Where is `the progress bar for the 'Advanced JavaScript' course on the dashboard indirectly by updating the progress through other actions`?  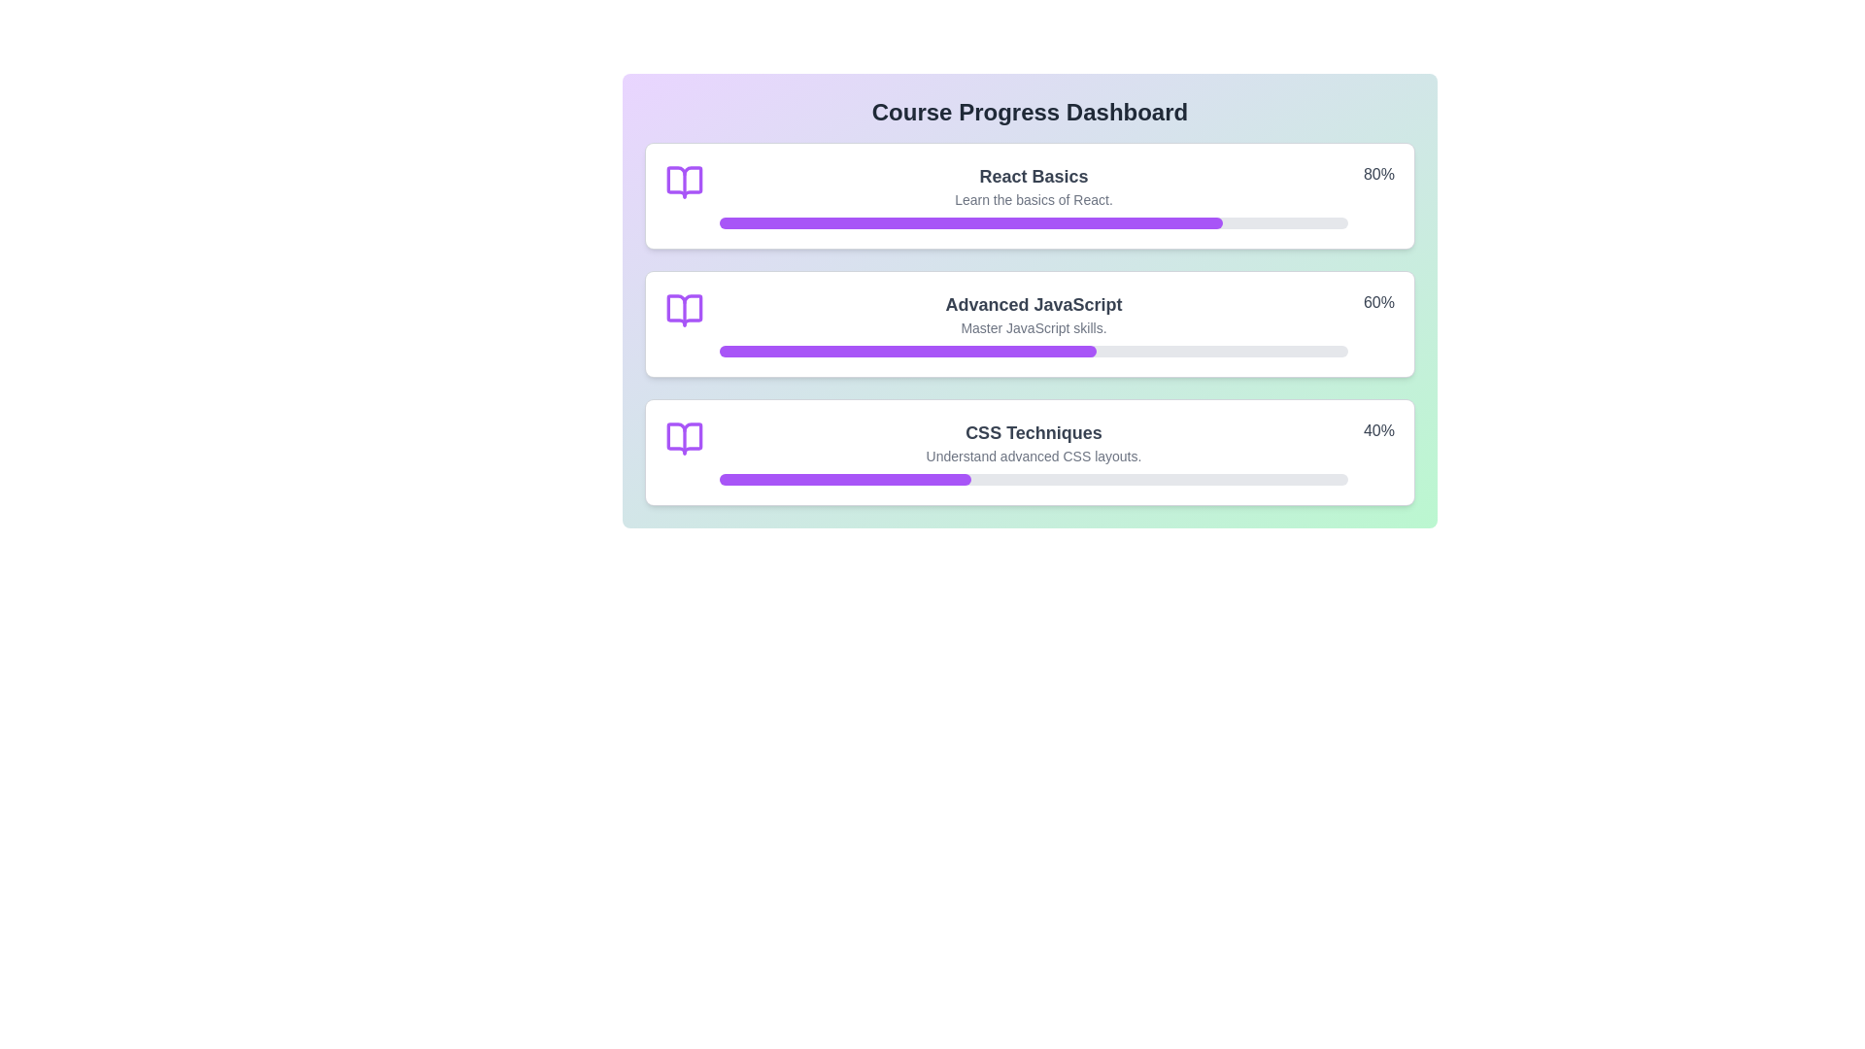 the progress bar for the 'Advanced JavaScript' course on the dashboard indirectly by updating the progress through other actions is located at coordinates (907, 352).